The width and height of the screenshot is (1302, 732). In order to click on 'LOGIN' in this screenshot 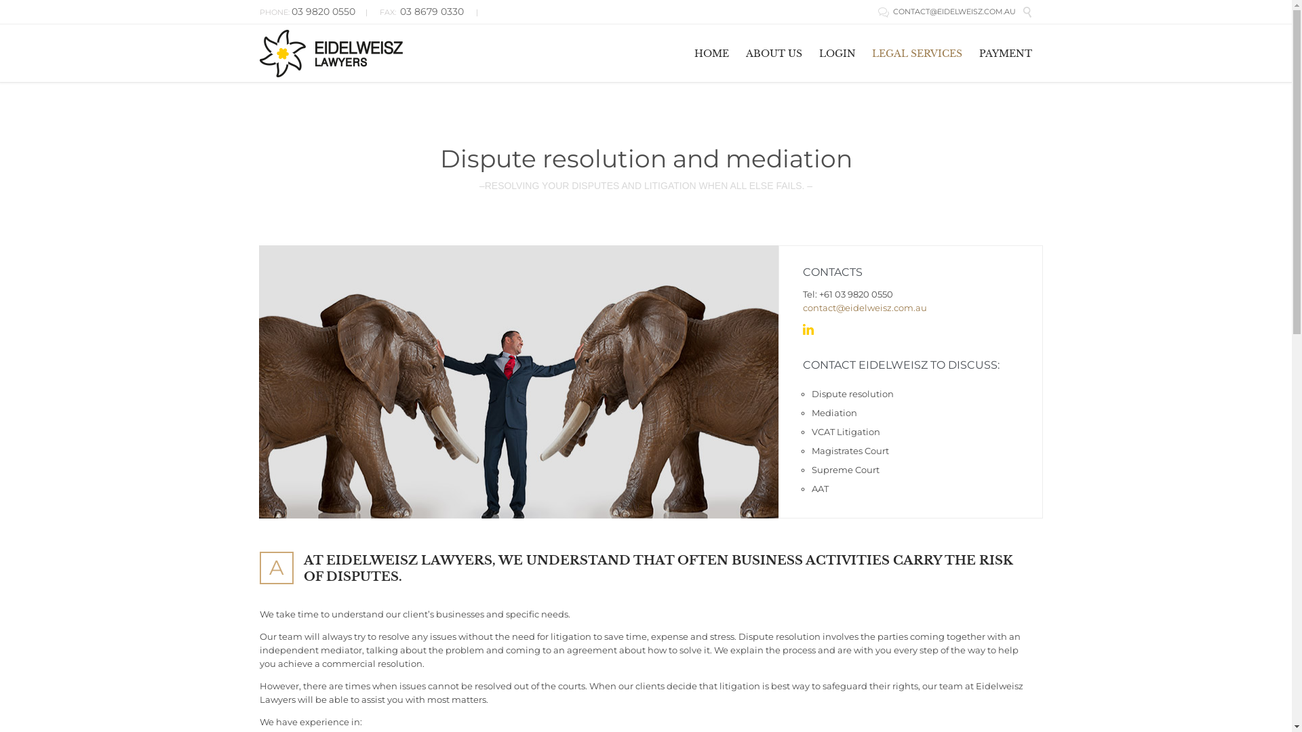, I will do `click(836, 52)`.